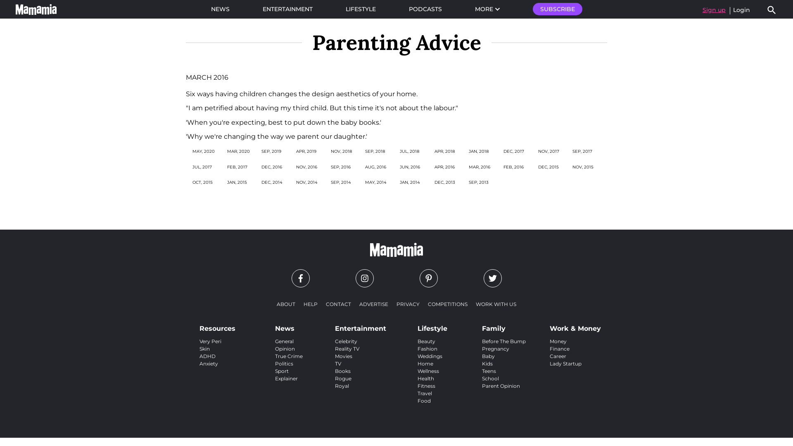 The height and width of the screenshot is (446, 793). I want to click on 'Pregnancy', so click(496, 349).